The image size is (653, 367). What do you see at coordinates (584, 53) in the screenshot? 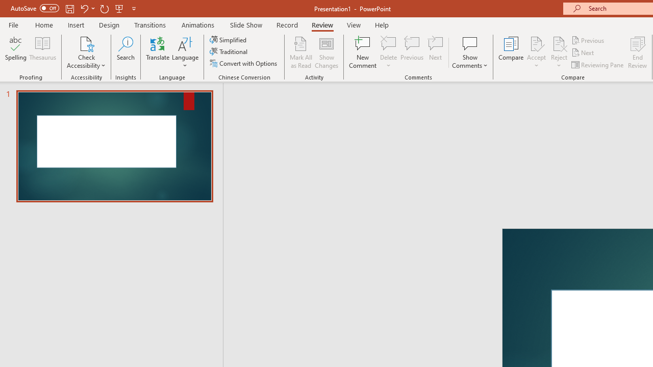
I see `'Next'` at bounding box center [584, 53].